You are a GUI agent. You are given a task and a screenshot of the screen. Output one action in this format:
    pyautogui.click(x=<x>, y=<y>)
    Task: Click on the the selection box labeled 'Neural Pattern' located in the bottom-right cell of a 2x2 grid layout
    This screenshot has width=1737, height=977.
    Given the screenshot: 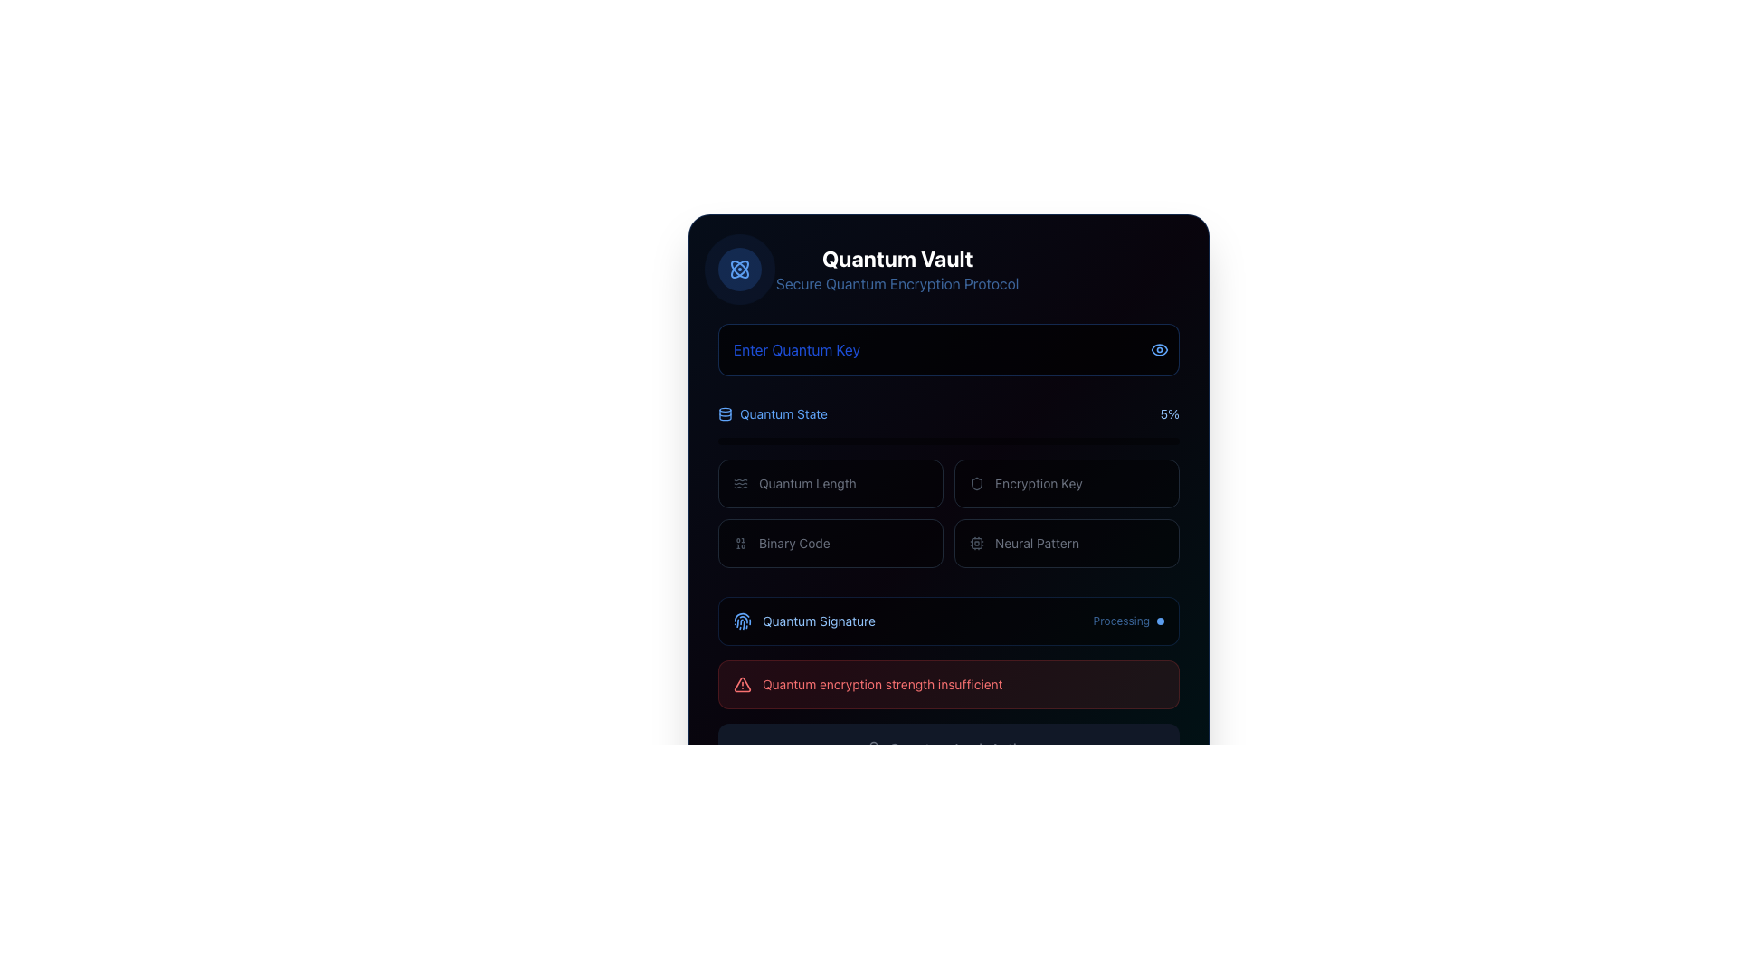 What is the action you would take?
    pyautogui.click(x=1067, y=543)
    